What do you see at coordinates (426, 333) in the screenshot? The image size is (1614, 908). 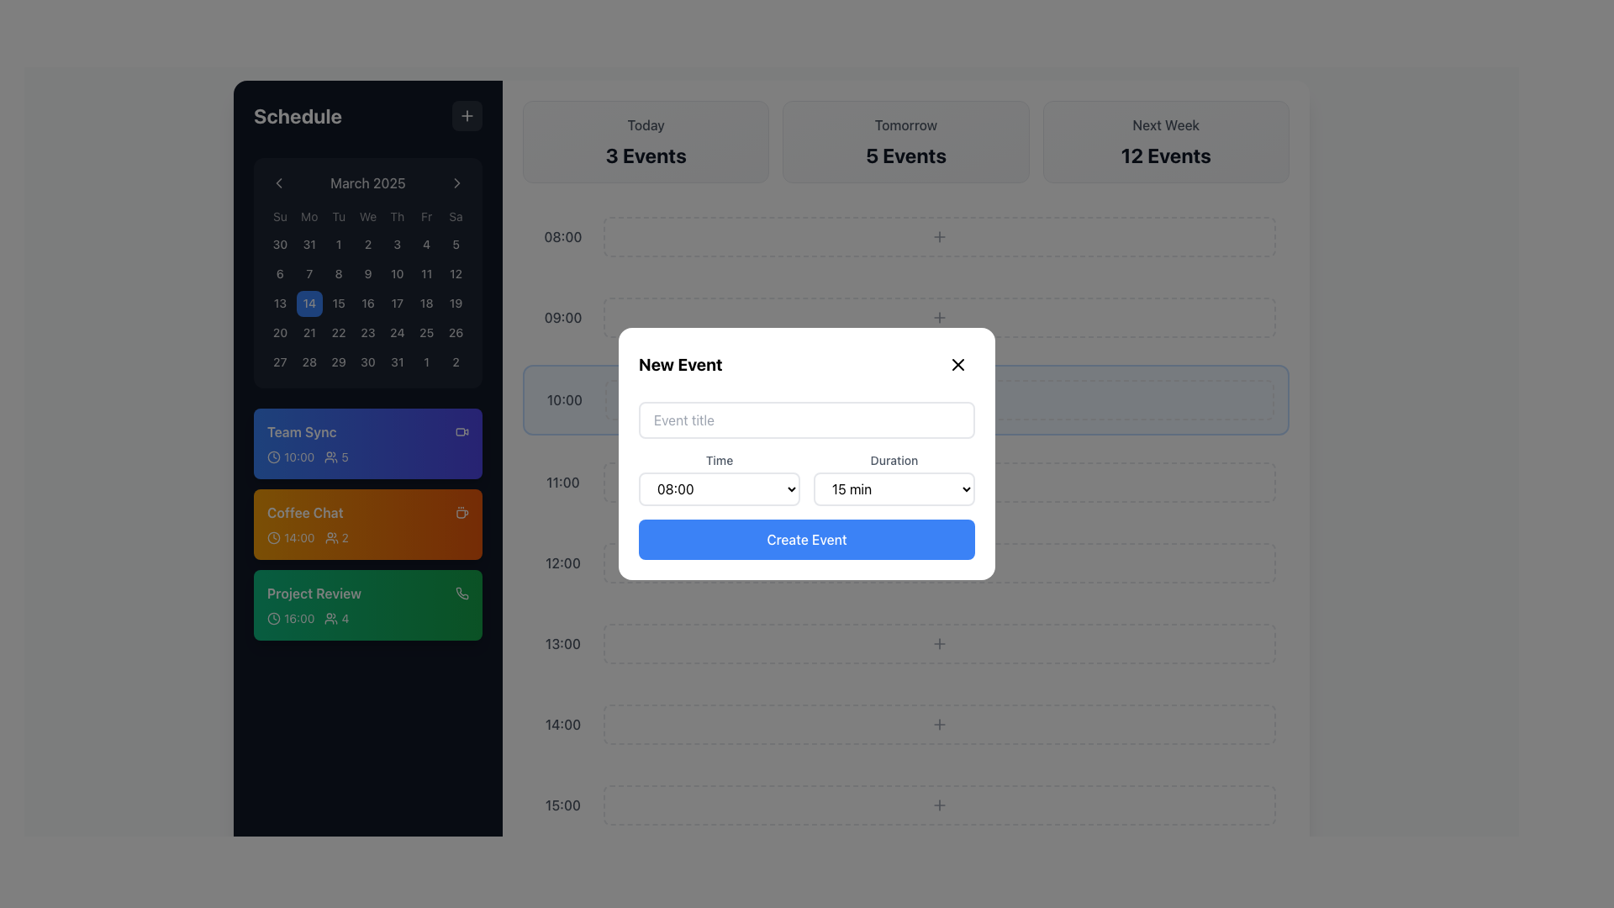 I see `the square button labeled '25' with a gray background and rounded corners, located in the fifth column of the fourth row in the calendar grid under 'March 2025'` at bounding box center [426, 333].